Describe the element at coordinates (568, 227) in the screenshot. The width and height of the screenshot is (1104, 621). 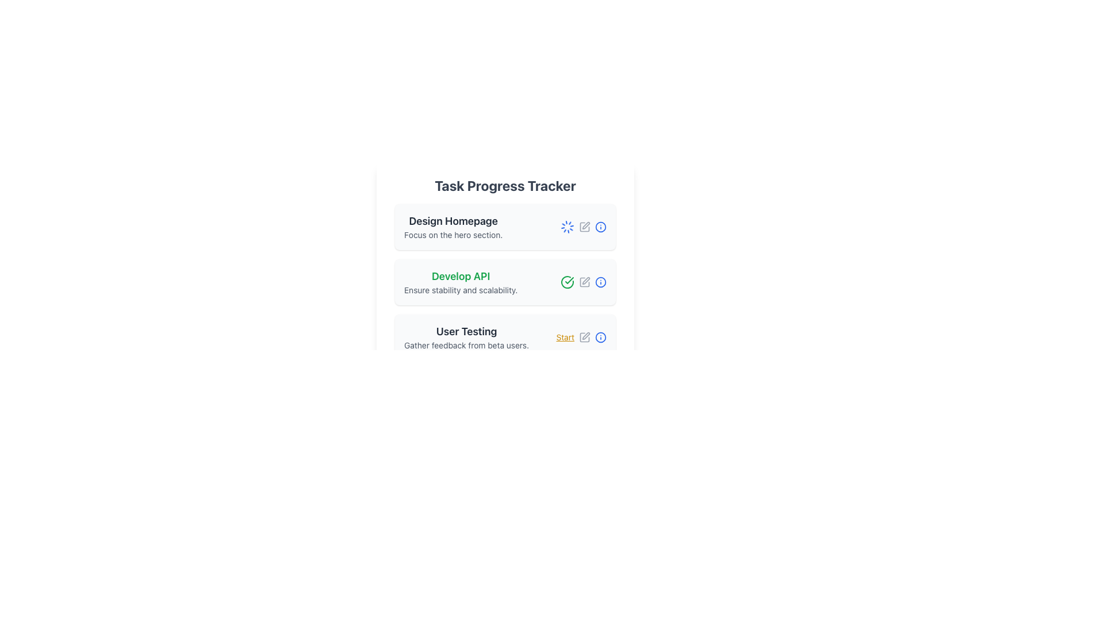
I see `the loading spinner icon indicating an ongoing process in the first task card labeled 'Design Homepage', located on the right side near the edit icon` at that location.